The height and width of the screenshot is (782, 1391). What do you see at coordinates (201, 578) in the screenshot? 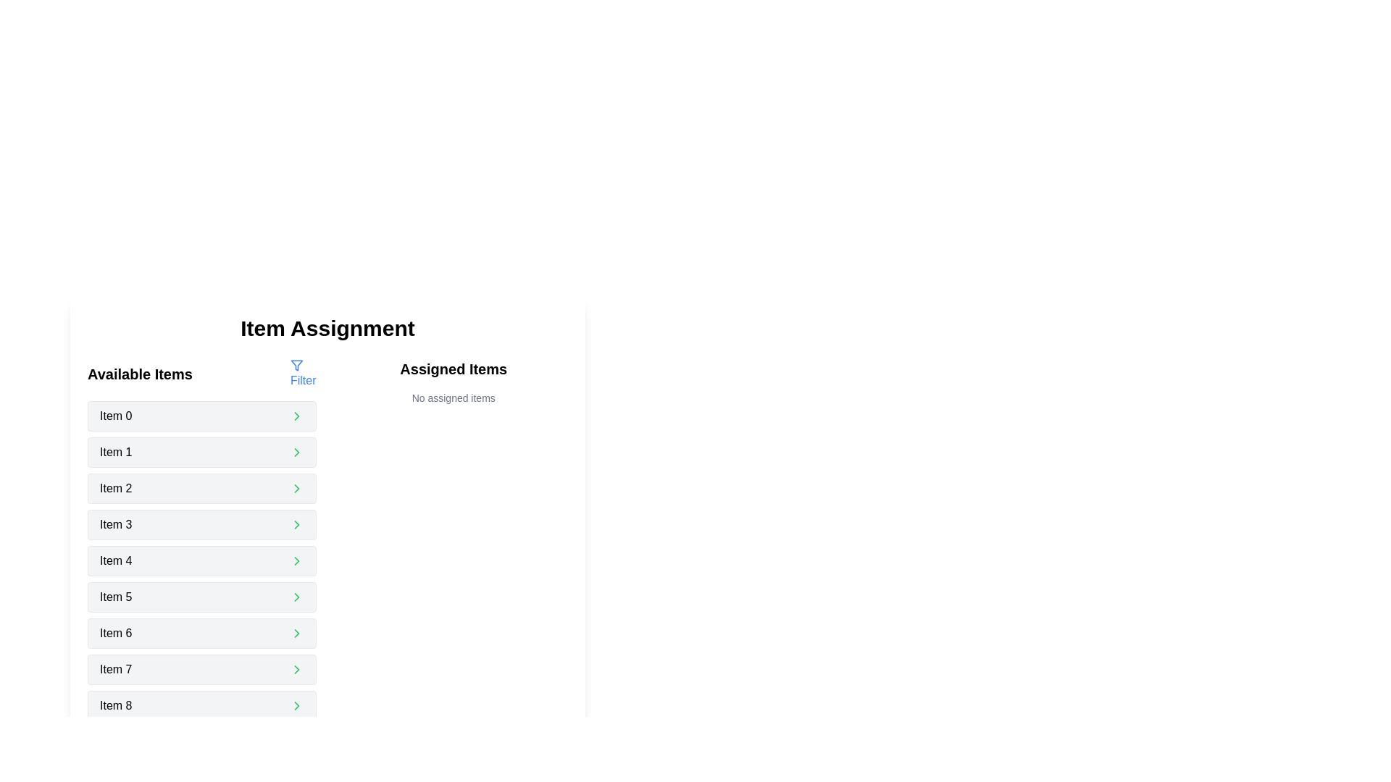
I see `an item from the vertically stacked list of items labeled from 'Item 0'` at bounding box center [201, 578].